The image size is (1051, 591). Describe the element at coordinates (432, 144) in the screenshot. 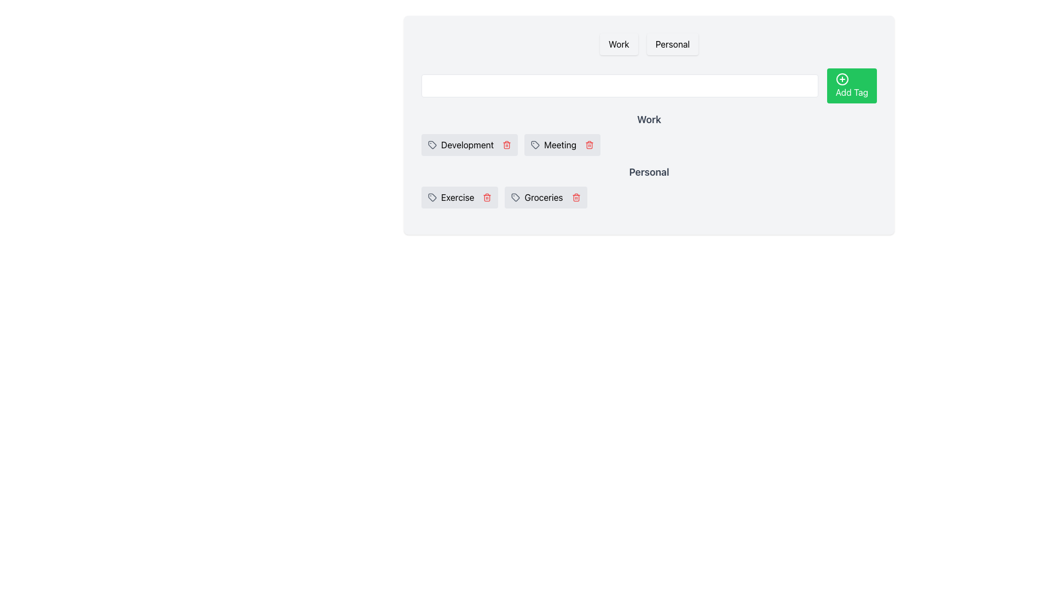

I see `the visual representation of the tag symbol icon located on the left side of the 'Development' button, which is part of the 'Work' category` at that location.